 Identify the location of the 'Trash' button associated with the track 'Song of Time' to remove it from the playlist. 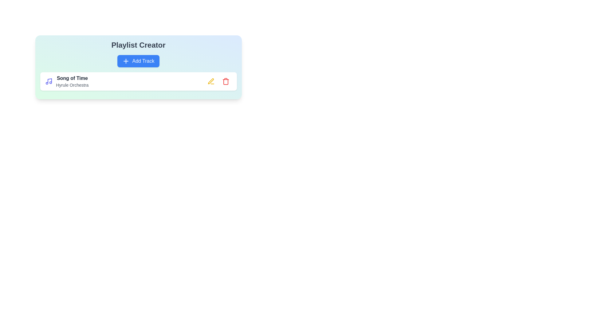
(225, 81).